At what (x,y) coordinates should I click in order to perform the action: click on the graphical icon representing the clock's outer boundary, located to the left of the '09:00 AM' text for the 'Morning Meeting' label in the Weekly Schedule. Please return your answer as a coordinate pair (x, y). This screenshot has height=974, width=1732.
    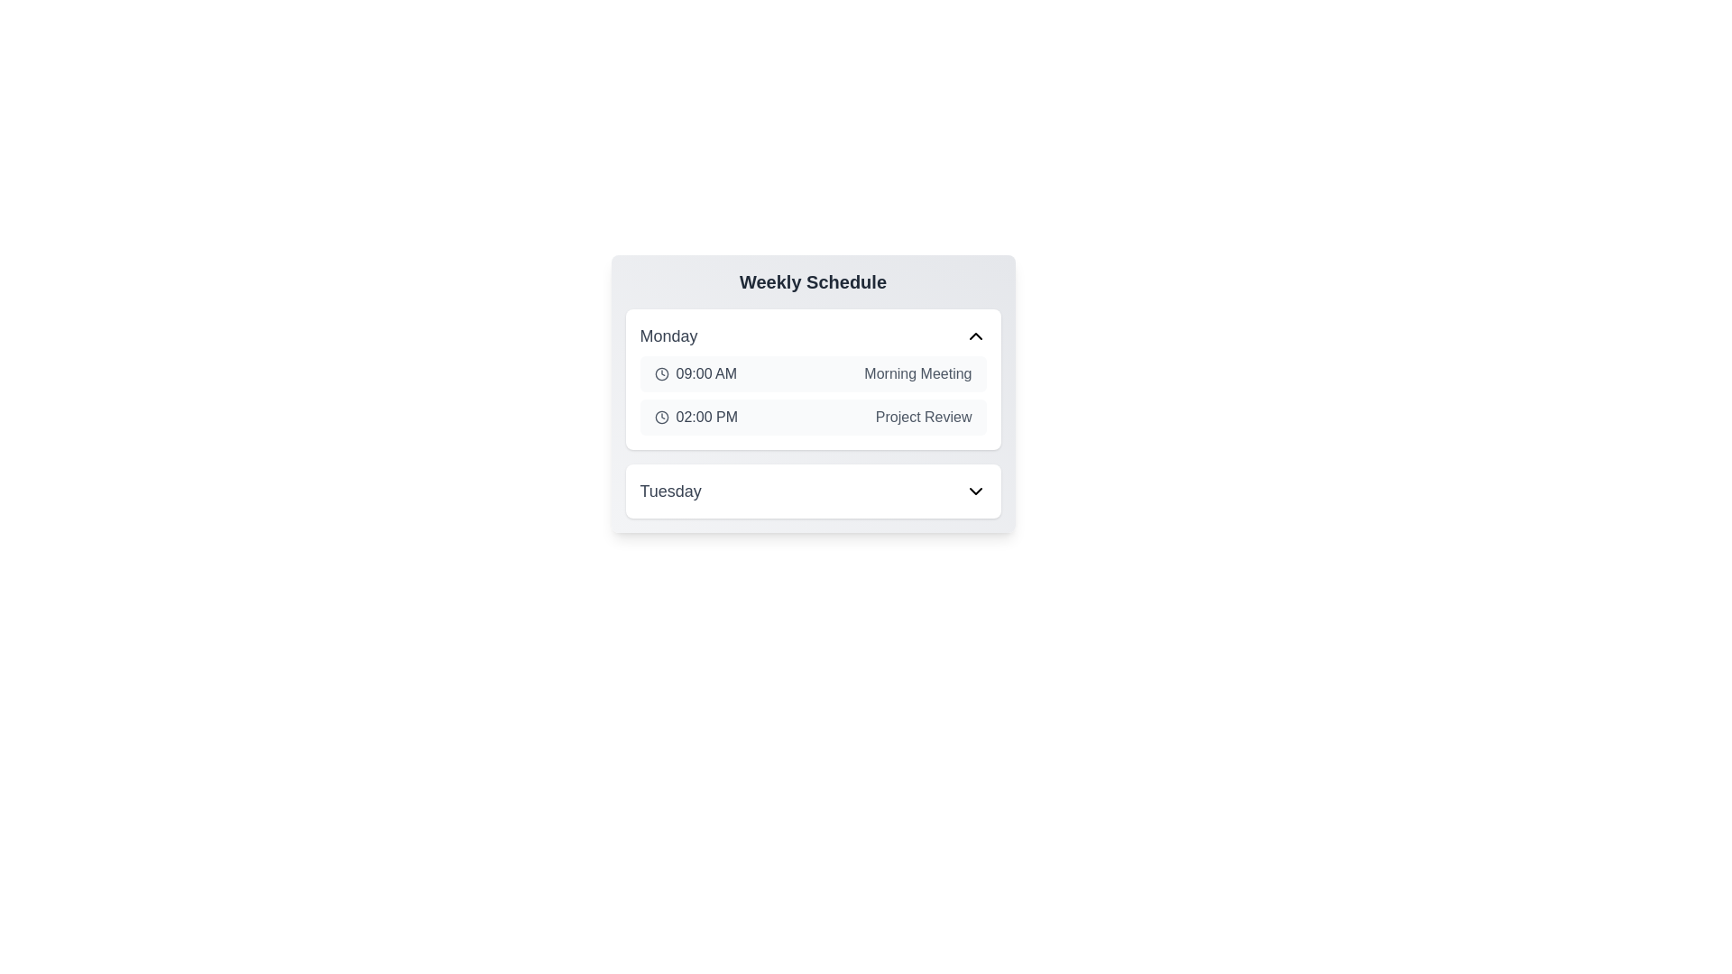
    Looking at the image, I should click on (660, 417).